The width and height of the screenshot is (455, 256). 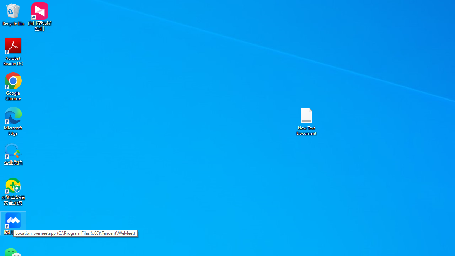 I want to click on 'Google Chrome', so click(x=13, y=86).